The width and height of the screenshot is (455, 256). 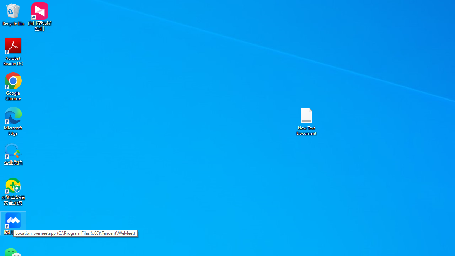 I want to click on 'Google Chrome', so click(x=13, y=86).